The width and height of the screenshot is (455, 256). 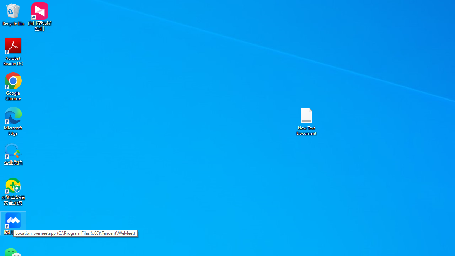 I want to click on 'Google Chrome', so click(x=13, y=86).